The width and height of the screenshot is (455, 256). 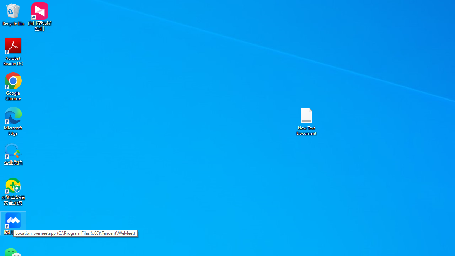 I want to click on 'Google Chrome', so click(x=13, y=86).